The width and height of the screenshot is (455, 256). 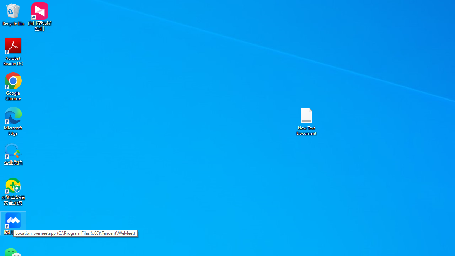 I want to click on 'Google Chrome', so click(x=13, y=86).